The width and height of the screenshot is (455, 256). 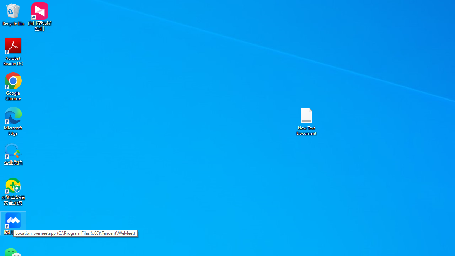 I want to click on 'Google Chrome', so click(x=13, y=86).